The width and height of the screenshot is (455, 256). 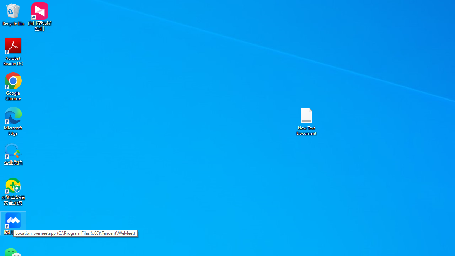 I want to click on 'Google Chrome', so click(x=13, y=86).